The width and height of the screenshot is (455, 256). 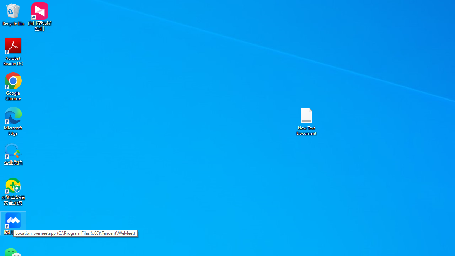 I want to click on 'Google Chrome', so click(x=13, y=86).